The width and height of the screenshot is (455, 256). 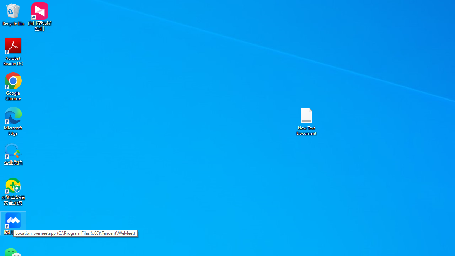 I want to click on 'Google Chrome', so click(x=13, y=86).